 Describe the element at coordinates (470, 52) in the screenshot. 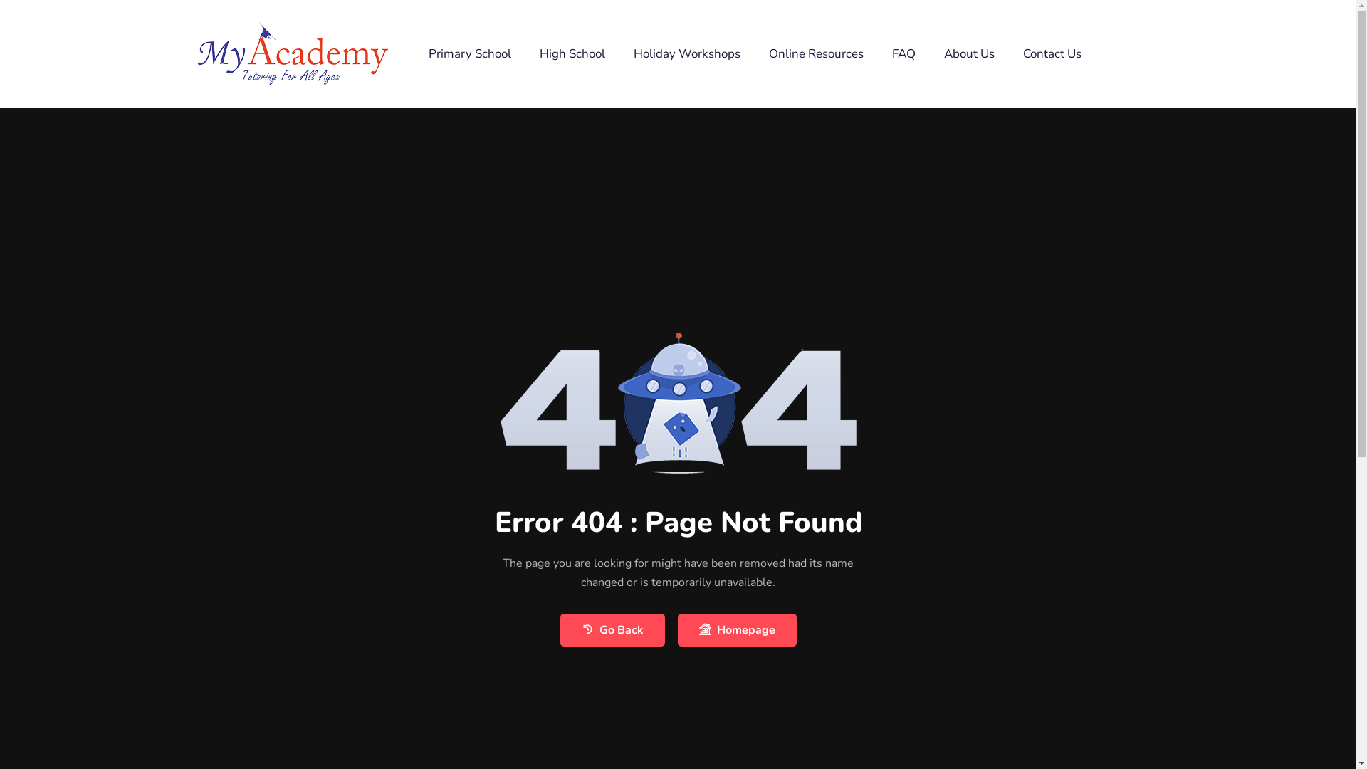

I see `'Primary School'` at that location.